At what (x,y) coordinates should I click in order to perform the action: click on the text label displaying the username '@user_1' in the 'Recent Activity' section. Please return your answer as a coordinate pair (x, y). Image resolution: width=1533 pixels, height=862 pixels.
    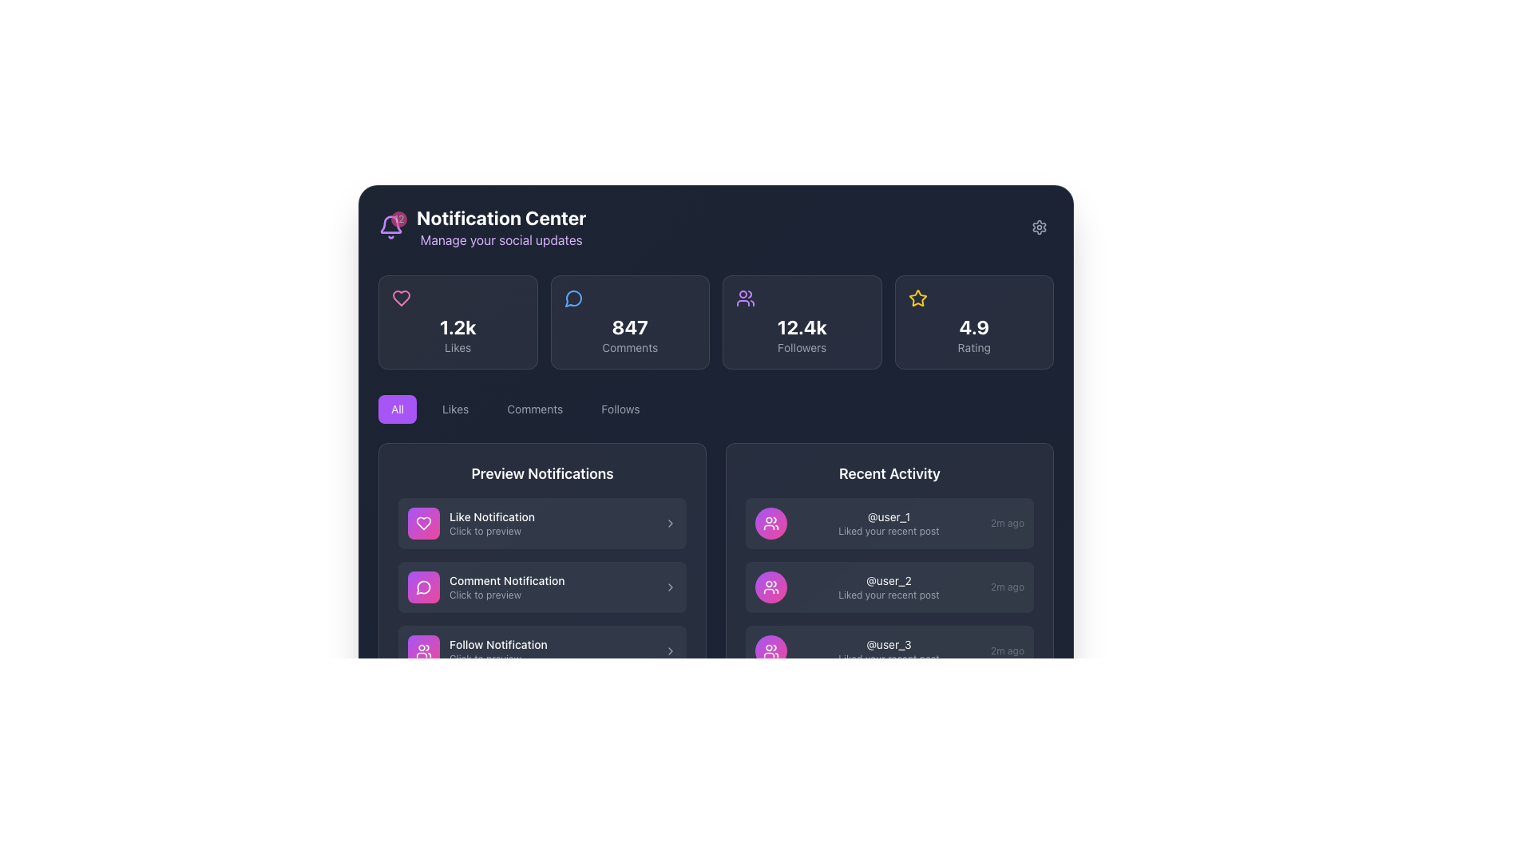
    Looking at the image, I should click on (888, 517).